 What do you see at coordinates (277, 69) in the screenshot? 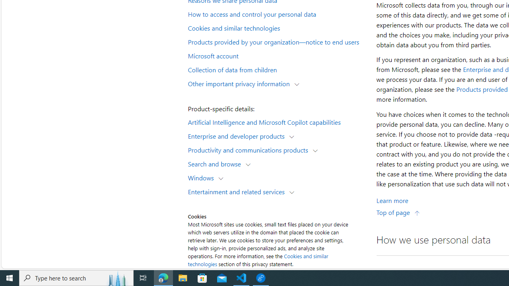
I see `'Collection of data from children'` at bounding box center [277, 69].